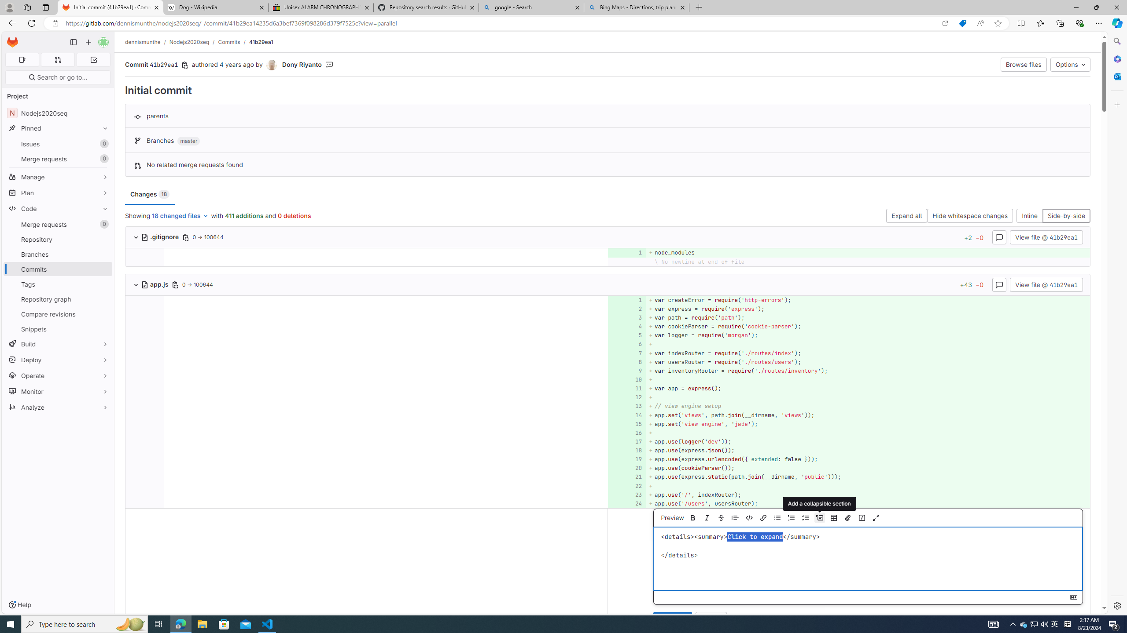 The height and width of the screenshot is (633, 1127). Describe the element at coordinates (626, 433) in the screenshot. I see `'16'` at that location.